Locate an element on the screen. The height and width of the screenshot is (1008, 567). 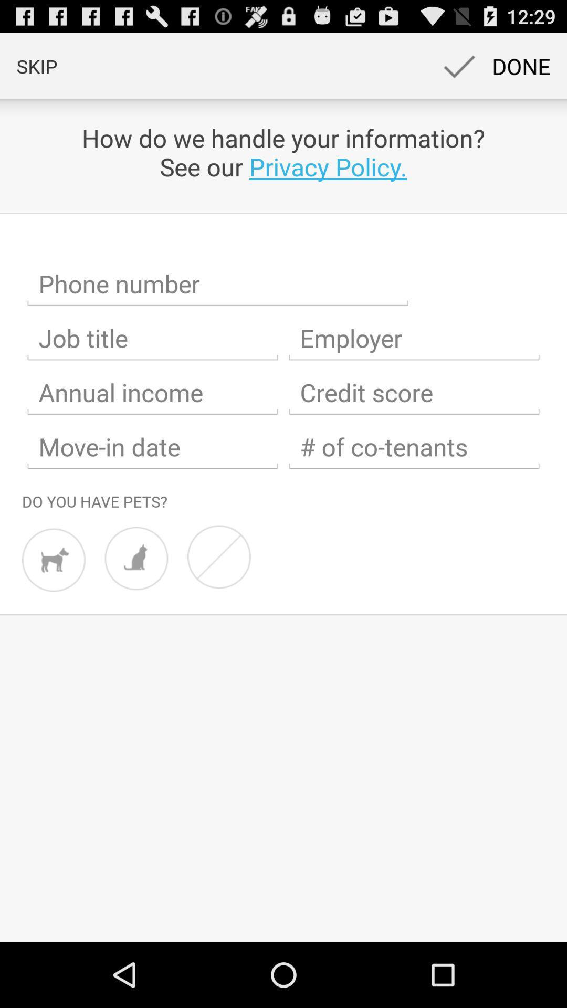
cat option is located at coordinates (135, 558).